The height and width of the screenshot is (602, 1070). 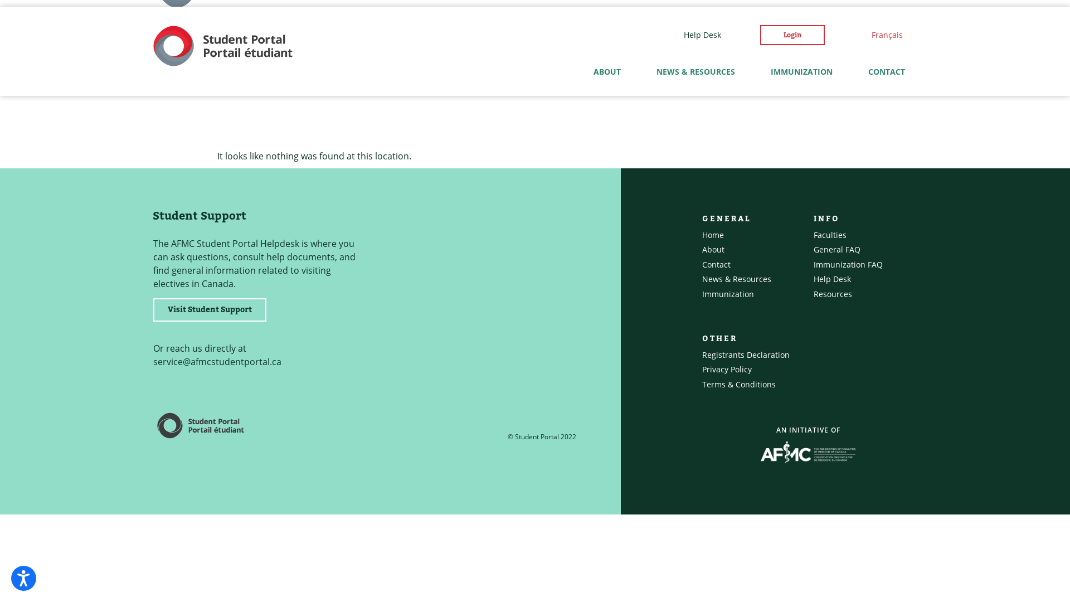 What do you see at coordinates (833, 293) in the screenshot?
I see `'Resources'` at bounding box center [833, 293].